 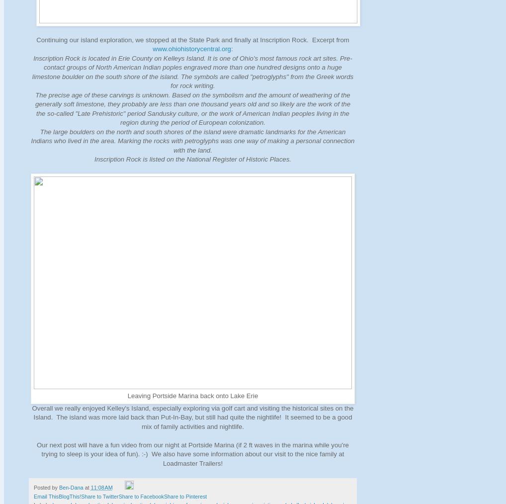 I want to click on 'Inscription Rock is located in Erie County on Kelleys Island. It is 
one of Ohio's most famous rock art sites. Pre-contact groups of North 
American Indian poples engraved more than one hundred designs onto a 
huge limestone boulder on the south shore of the island. The symbols are
 called "petroglyphs" from the Greek words for rock writing.', so click(x=192, y=72).